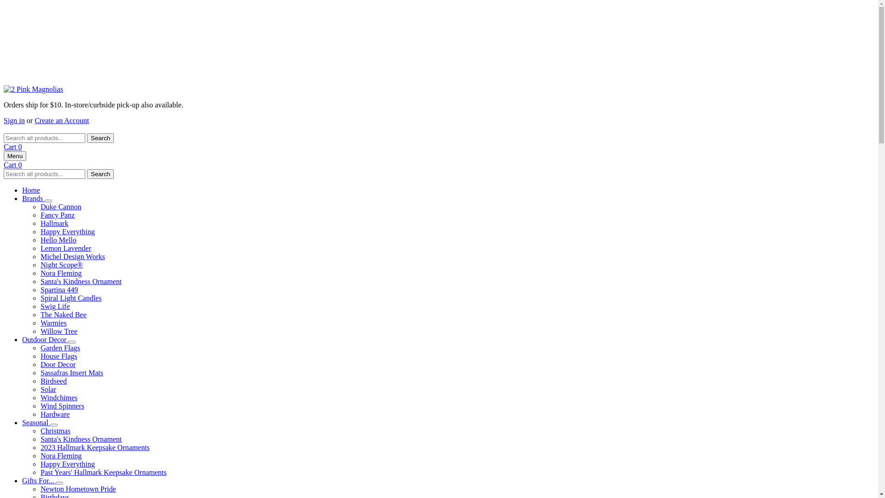 The height and width of the screenshot is (498, 885). What do you see at coordinates (55, 431) in the screenshot?
I see `'Christmas'` at bounding box center [55, 431].